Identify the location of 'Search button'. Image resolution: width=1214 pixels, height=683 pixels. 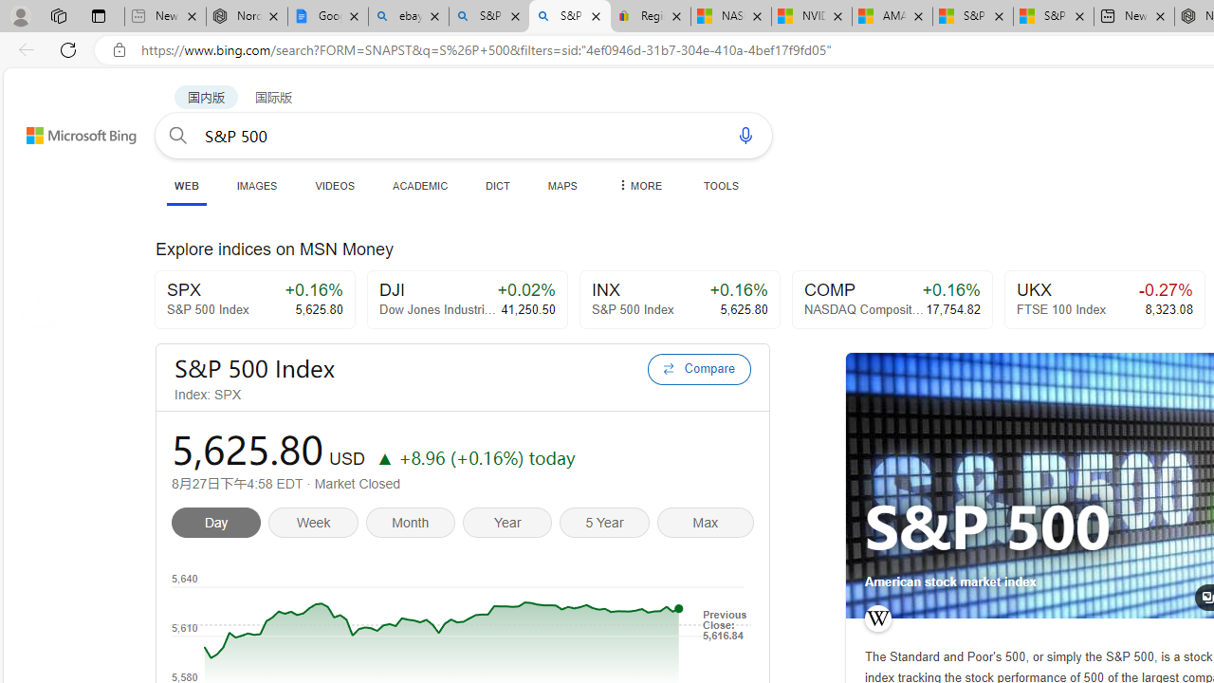
(177, 134).